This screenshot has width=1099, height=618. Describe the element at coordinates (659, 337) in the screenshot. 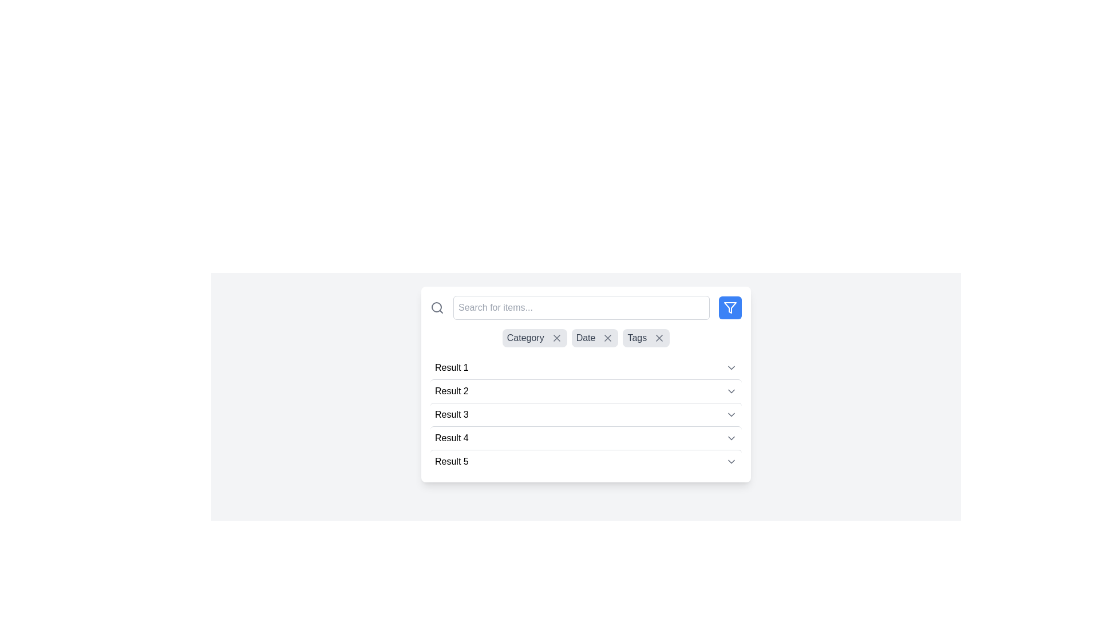

I see `the 'x' icon button next to the 'Tags' label` at that location.